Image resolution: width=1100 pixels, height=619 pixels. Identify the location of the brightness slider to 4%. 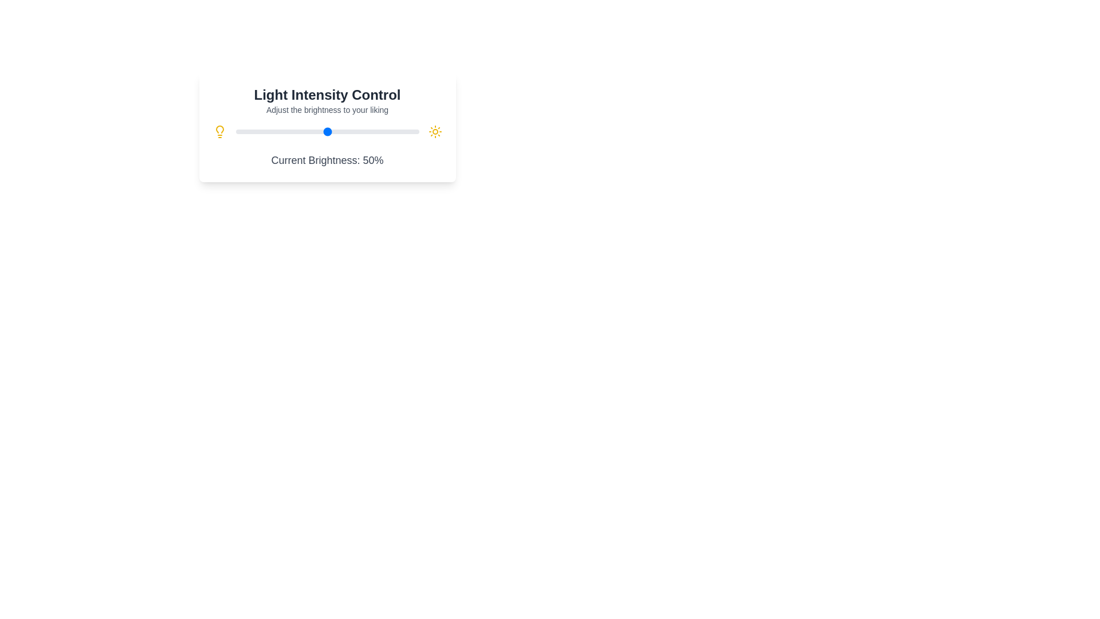
(242, 131).